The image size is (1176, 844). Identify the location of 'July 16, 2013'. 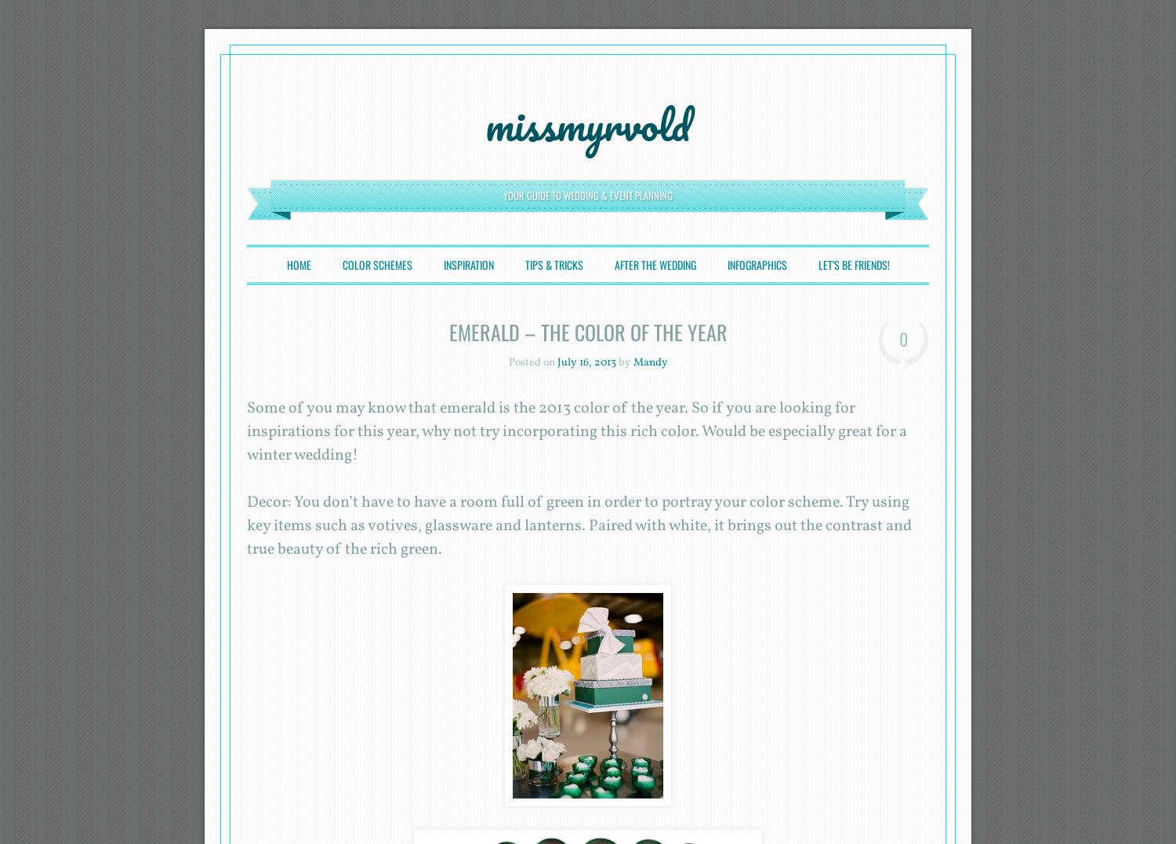
(585, 362).